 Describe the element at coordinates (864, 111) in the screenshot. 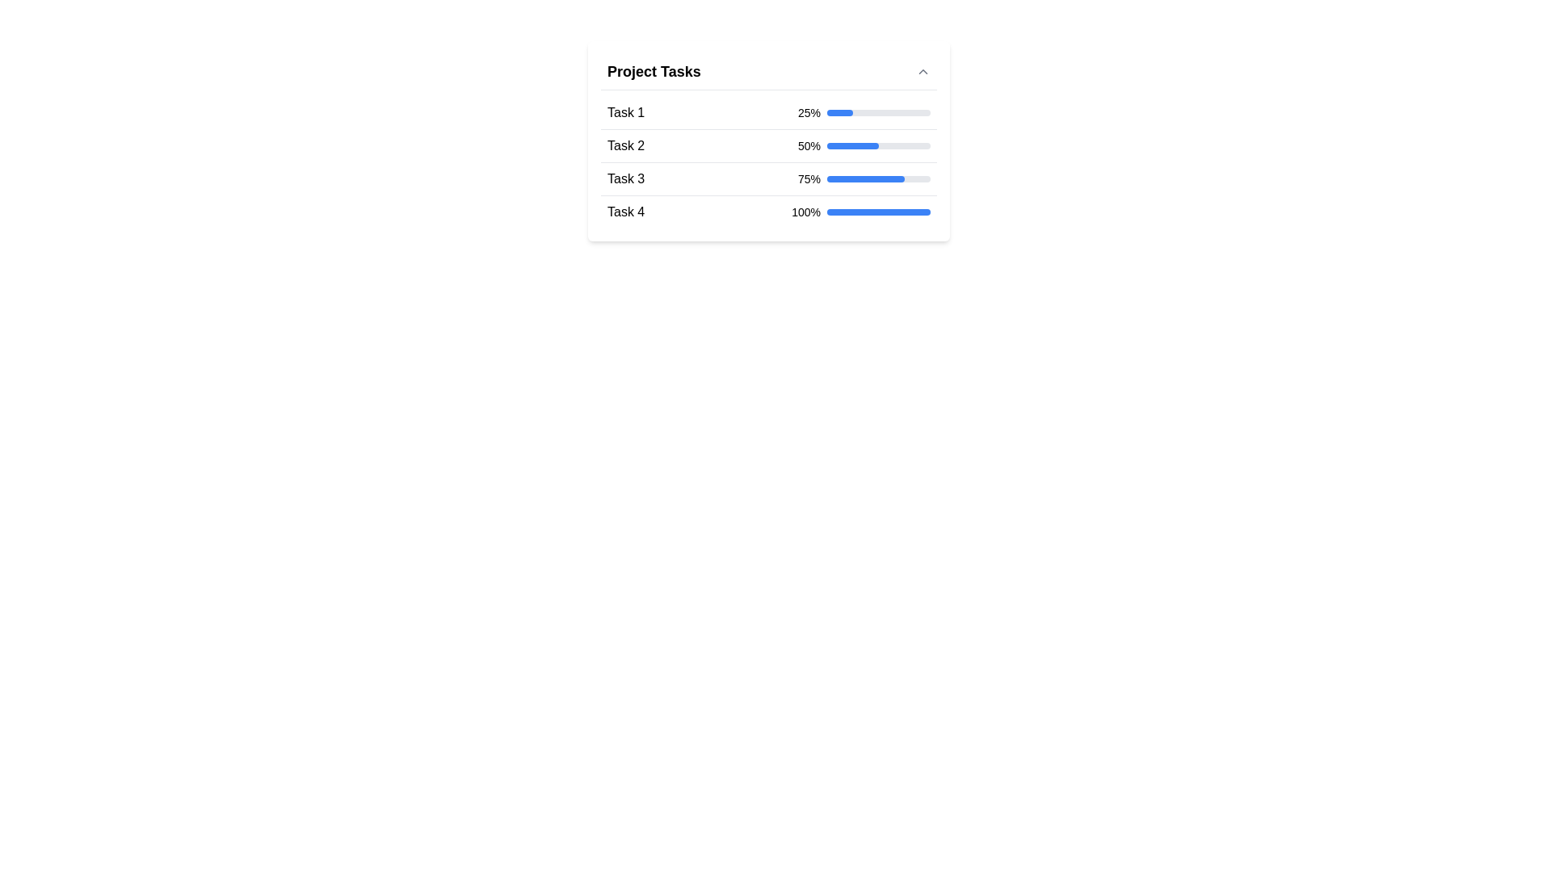

I see `percentage value from the progress bar labeled 'Task 1' in the 'Project Tasks' list, which displays '25%' to the left of the blue filled segment` at that location.